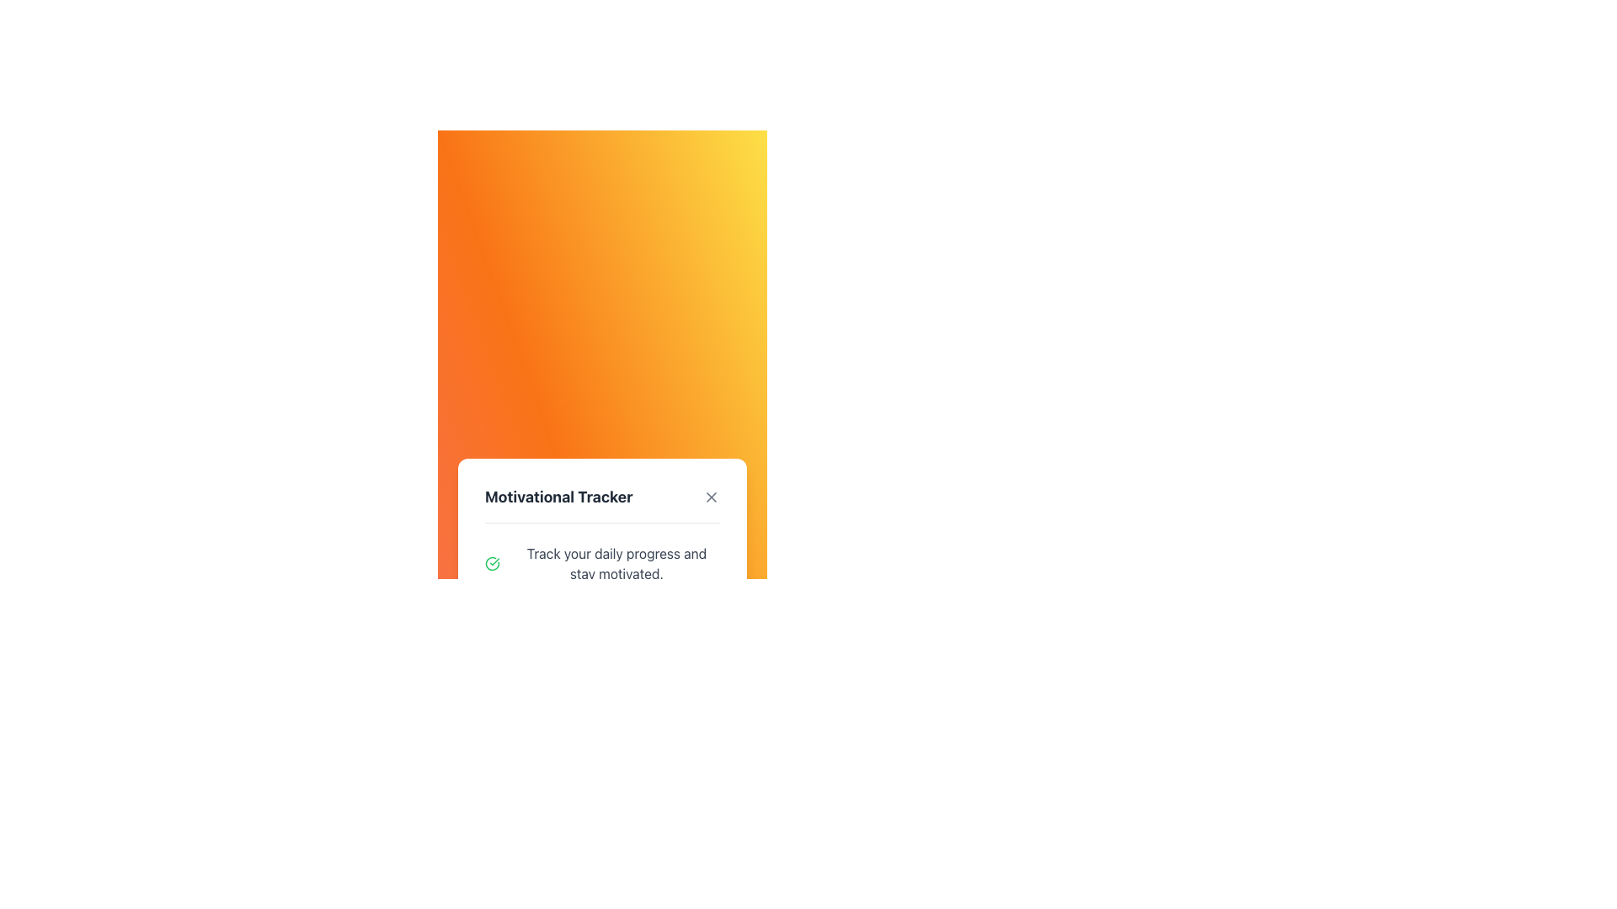  I want to click on the circular green icon with a checkmark indicating completed status, located to the left of the text 'Track your daily progress and stay motivated.', so click(492, 563).